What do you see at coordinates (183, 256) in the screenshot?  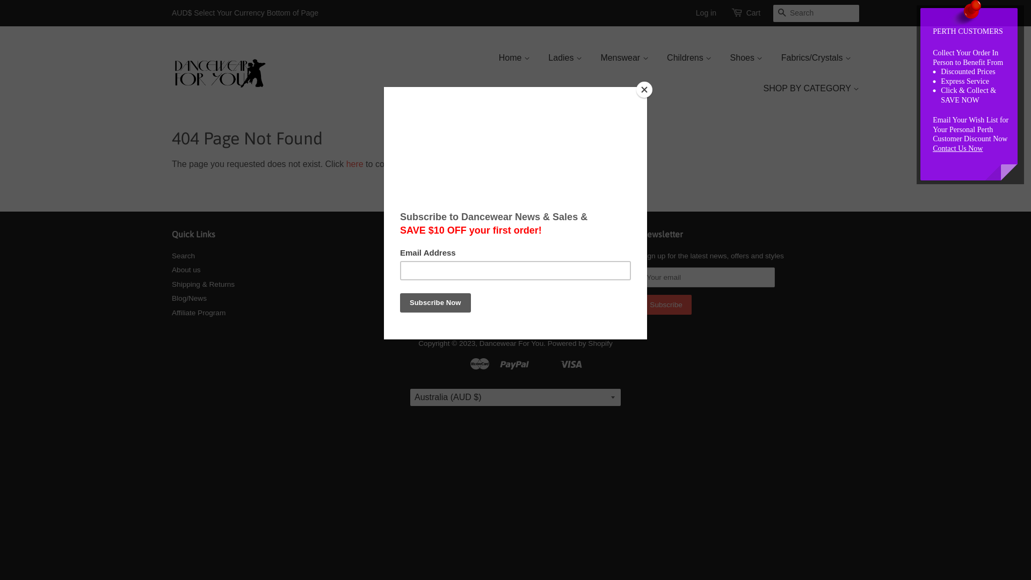 I see `'Search'` at bounding box center [183, 256].